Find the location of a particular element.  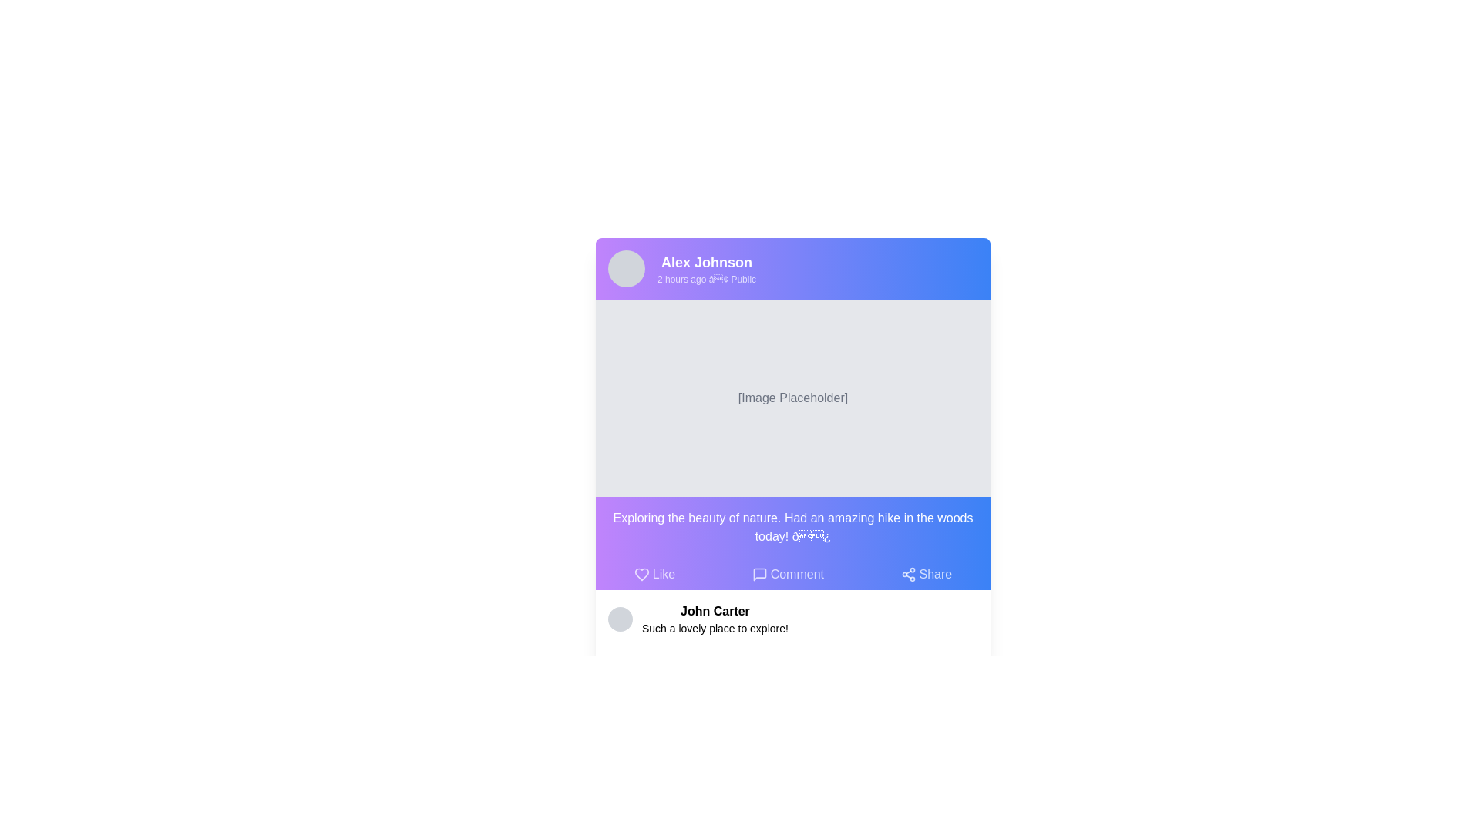

the comment icon located directly to the left of the word 'Comment' in the horizontal row of interactive options below a post is located at coordinates (759, 574).